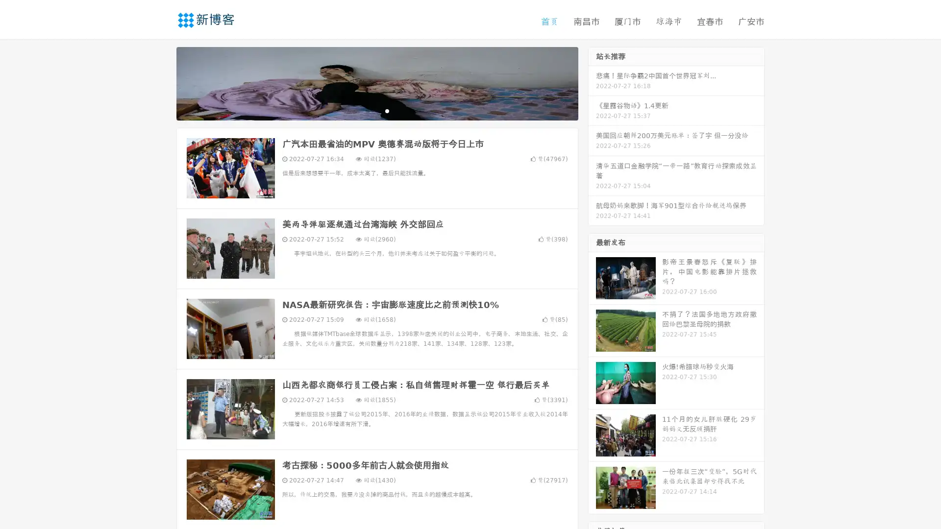 Image resolution: width=941 pixels, height=529 pixels. What do you see at coordinates (592, 82) in the screenshot?
I see `Next slide` at bounding box center [592, 82].